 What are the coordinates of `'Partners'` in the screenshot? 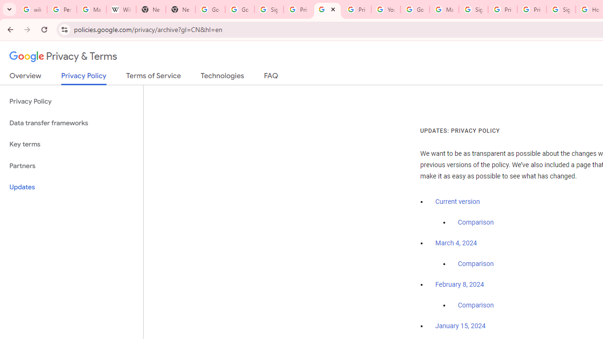 It's located at (71, 165).